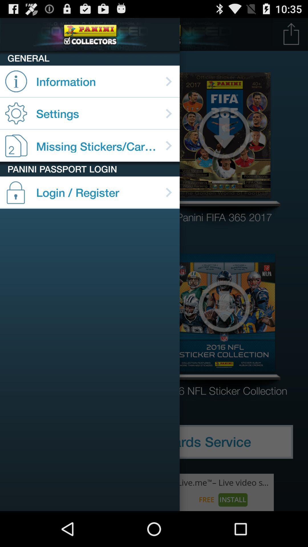 The image size is (308, 547). I want to click on the launch icon, so click(291, 36).